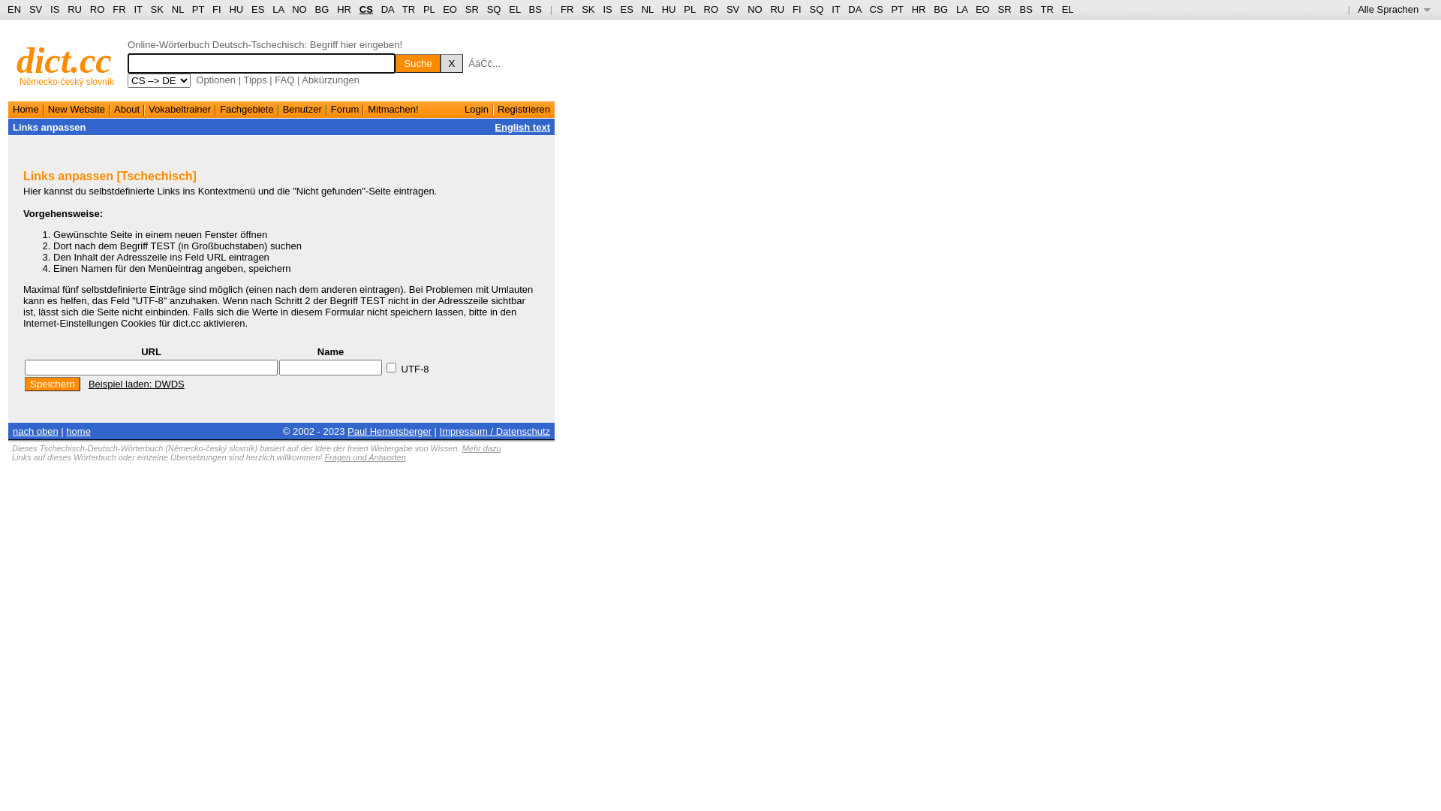 The width and height of the screenshot is (1441, 811). Describe the element at coordinates (77, 430) in the screenshot. I see `'home'` at that location.